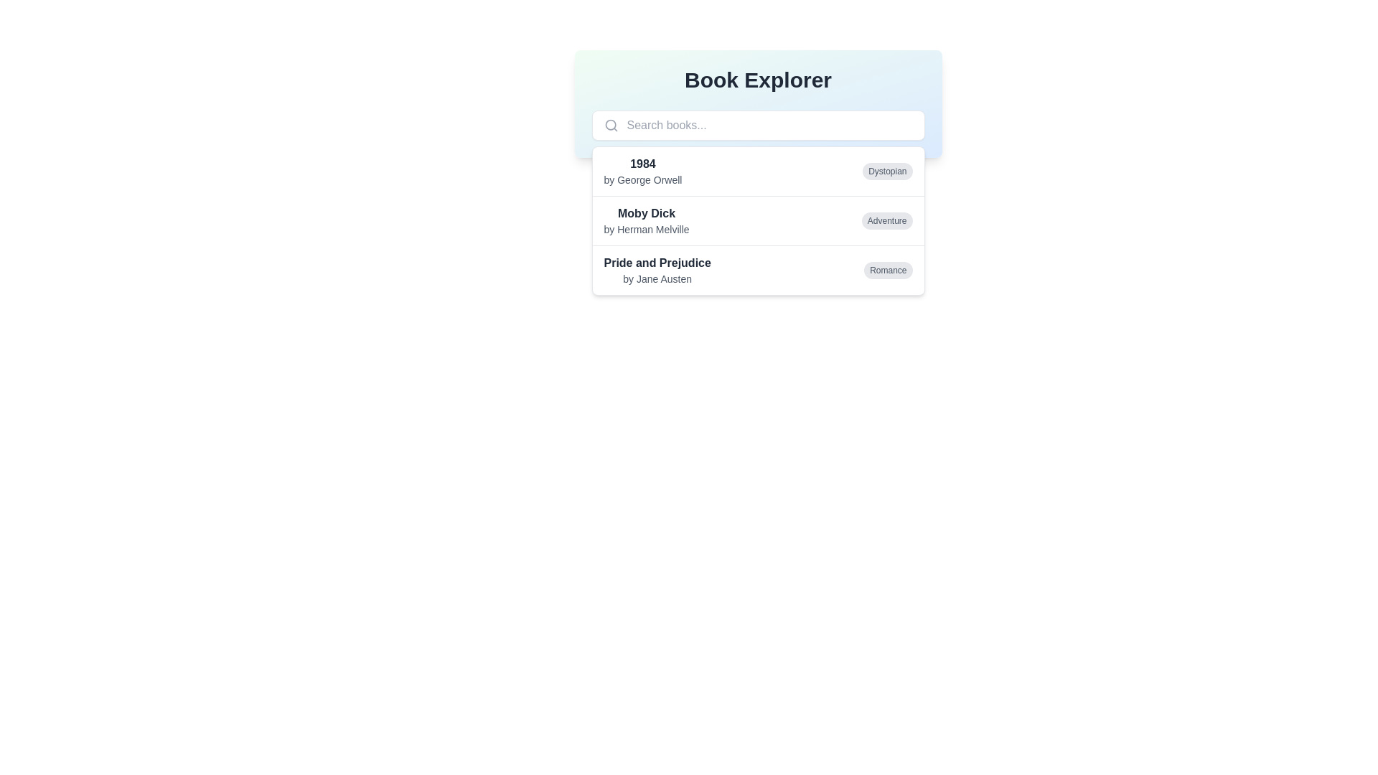  I want to click on the pill-shaped label with the text 'Dystopian', which is part of the book listing for '1984 by George Orwell', located at the far right of the visible row, so click(886, 171).